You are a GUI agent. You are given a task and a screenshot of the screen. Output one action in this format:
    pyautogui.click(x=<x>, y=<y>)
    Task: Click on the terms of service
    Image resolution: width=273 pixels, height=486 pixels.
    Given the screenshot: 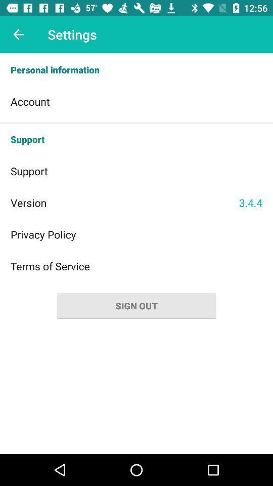 What is the action you would take?
    pyautogui.click(x=136, y=265)
    